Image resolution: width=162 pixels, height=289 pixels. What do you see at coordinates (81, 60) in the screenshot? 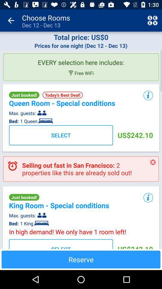
I see `the icon below prices for one icon` at bounding box center [81, 60].